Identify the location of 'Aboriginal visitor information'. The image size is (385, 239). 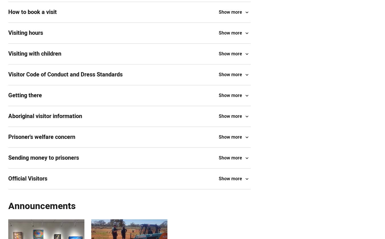
(8, 116).